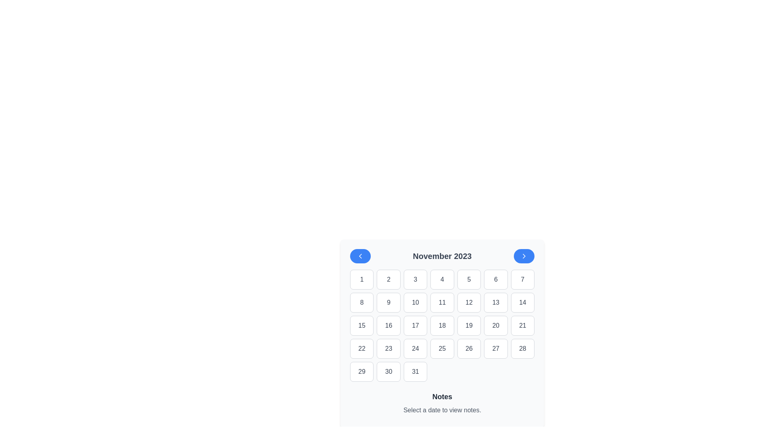 The height and width of the screenshot is (429, 763). Describe the element at coordinates (469, 303) in the screenshot. I see `the square-shaped button with the number '12' centered within it, located in the second row and sixth column of the calendar interface` at that location.